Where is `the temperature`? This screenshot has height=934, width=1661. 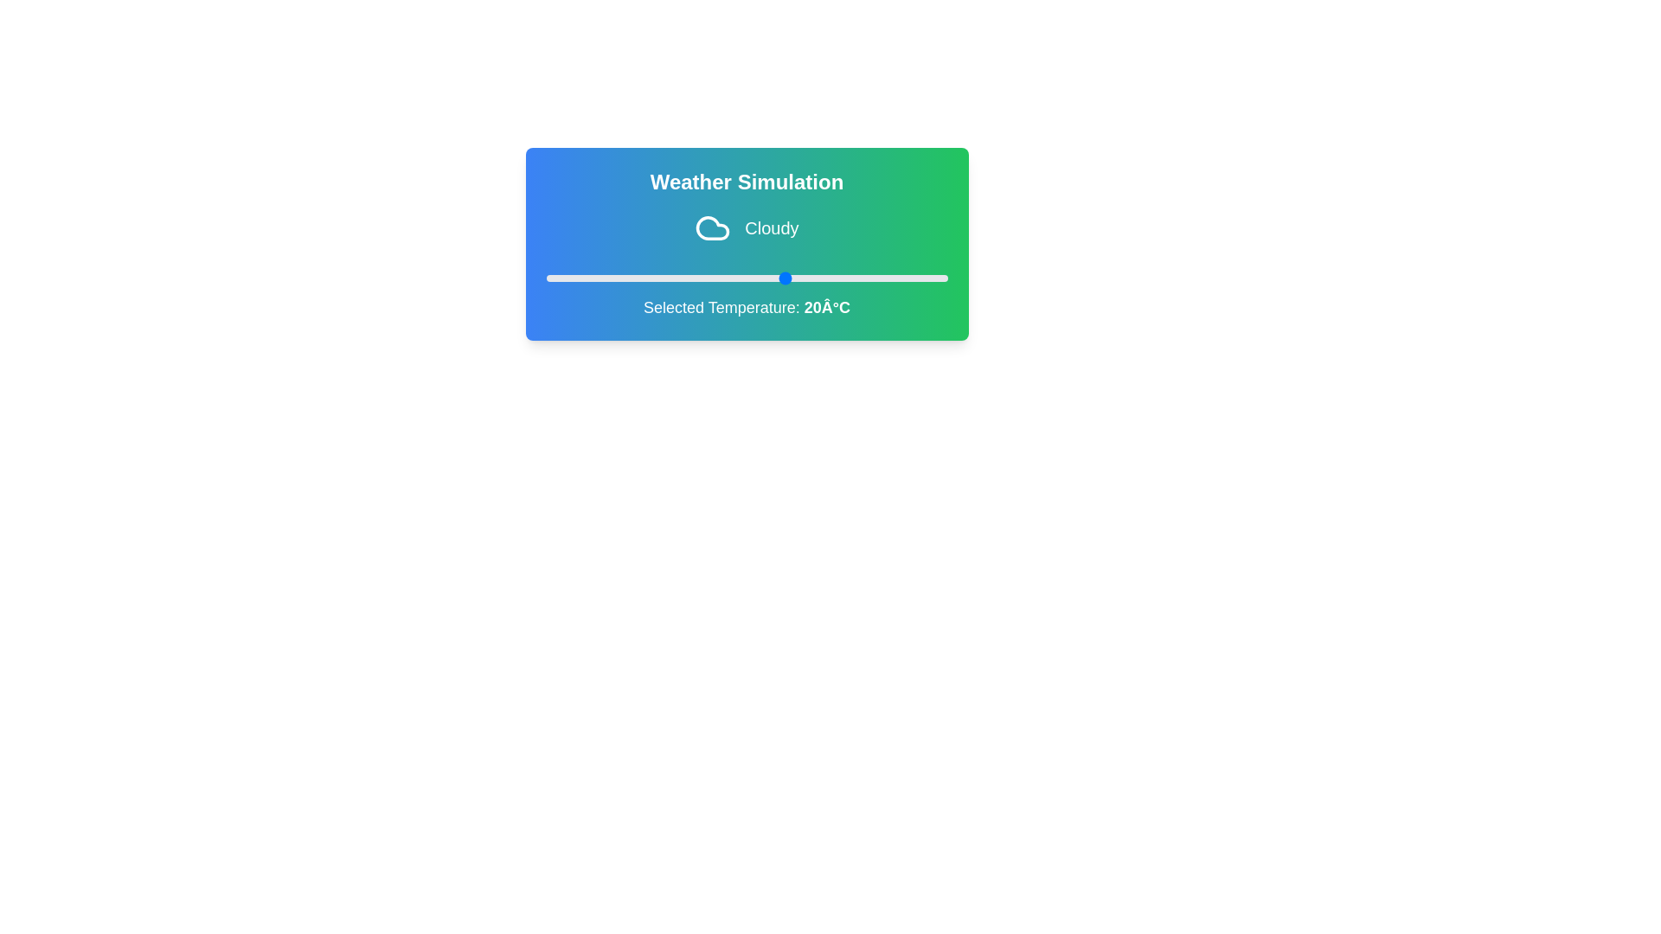
the temperature is located at coordinates (802, 277).